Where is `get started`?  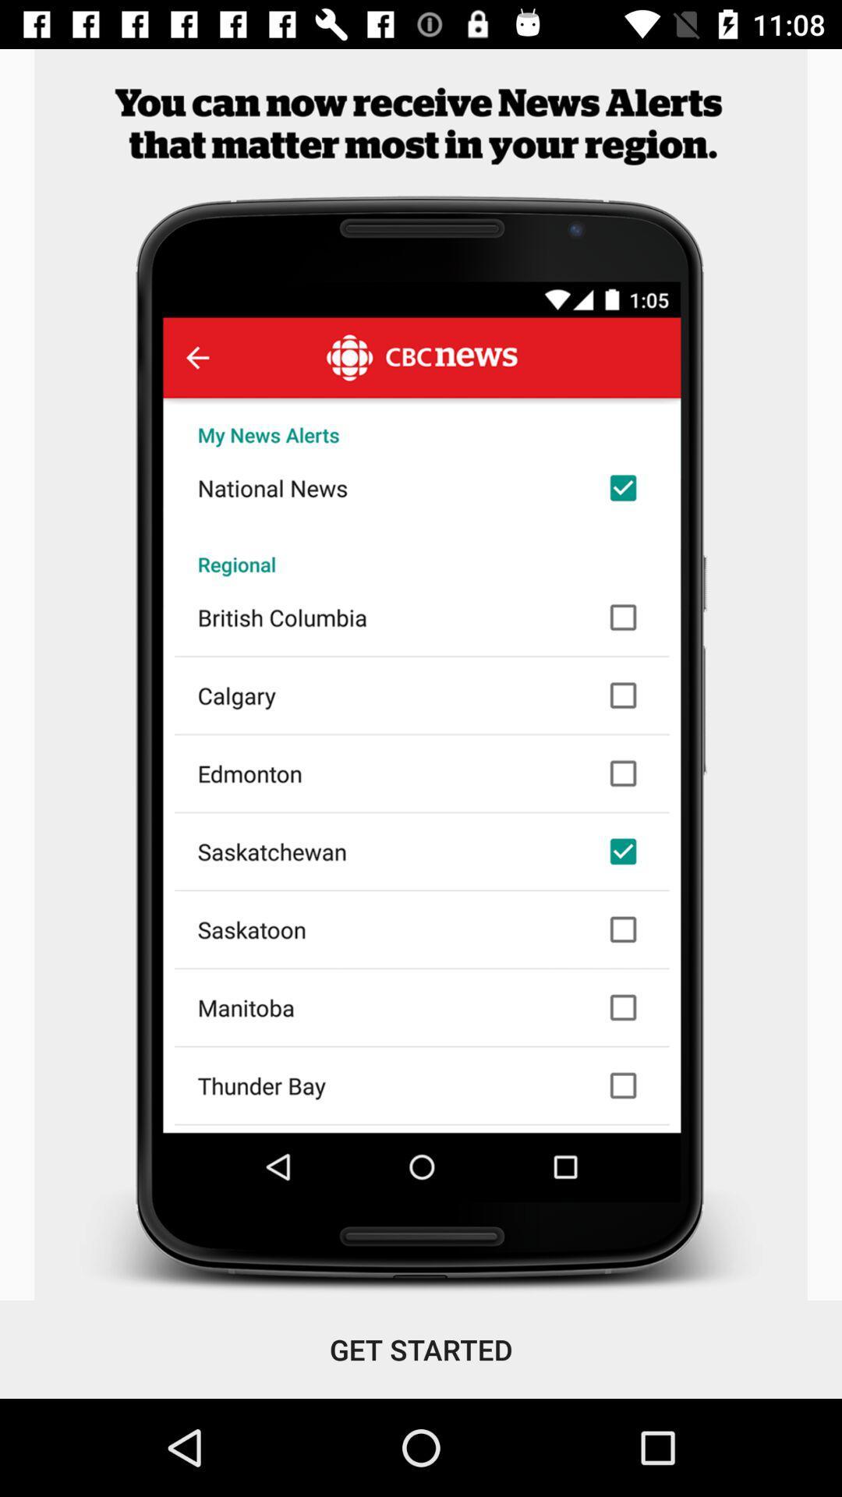 get started is located at coordinates (421, 1349).